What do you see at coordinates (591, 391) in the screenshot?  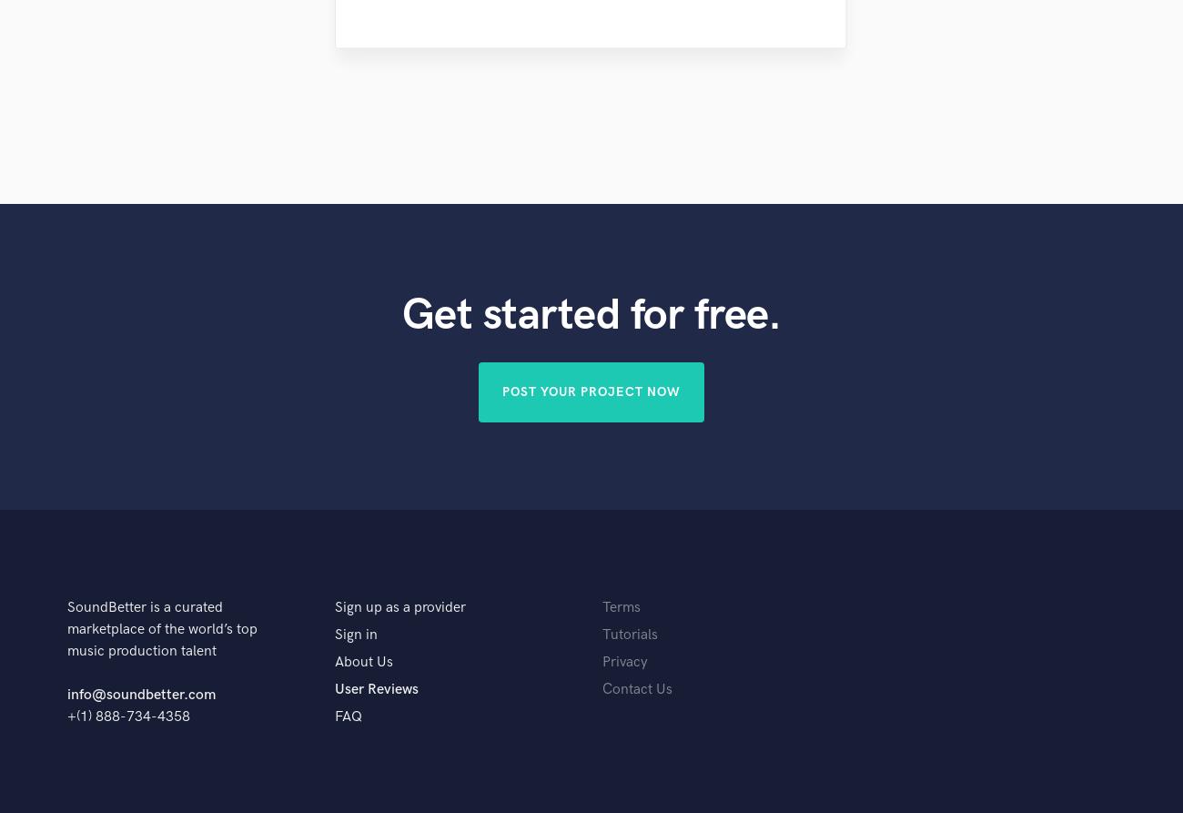 I see `'Post Your Project Now'` at bounding box center [591, 391].